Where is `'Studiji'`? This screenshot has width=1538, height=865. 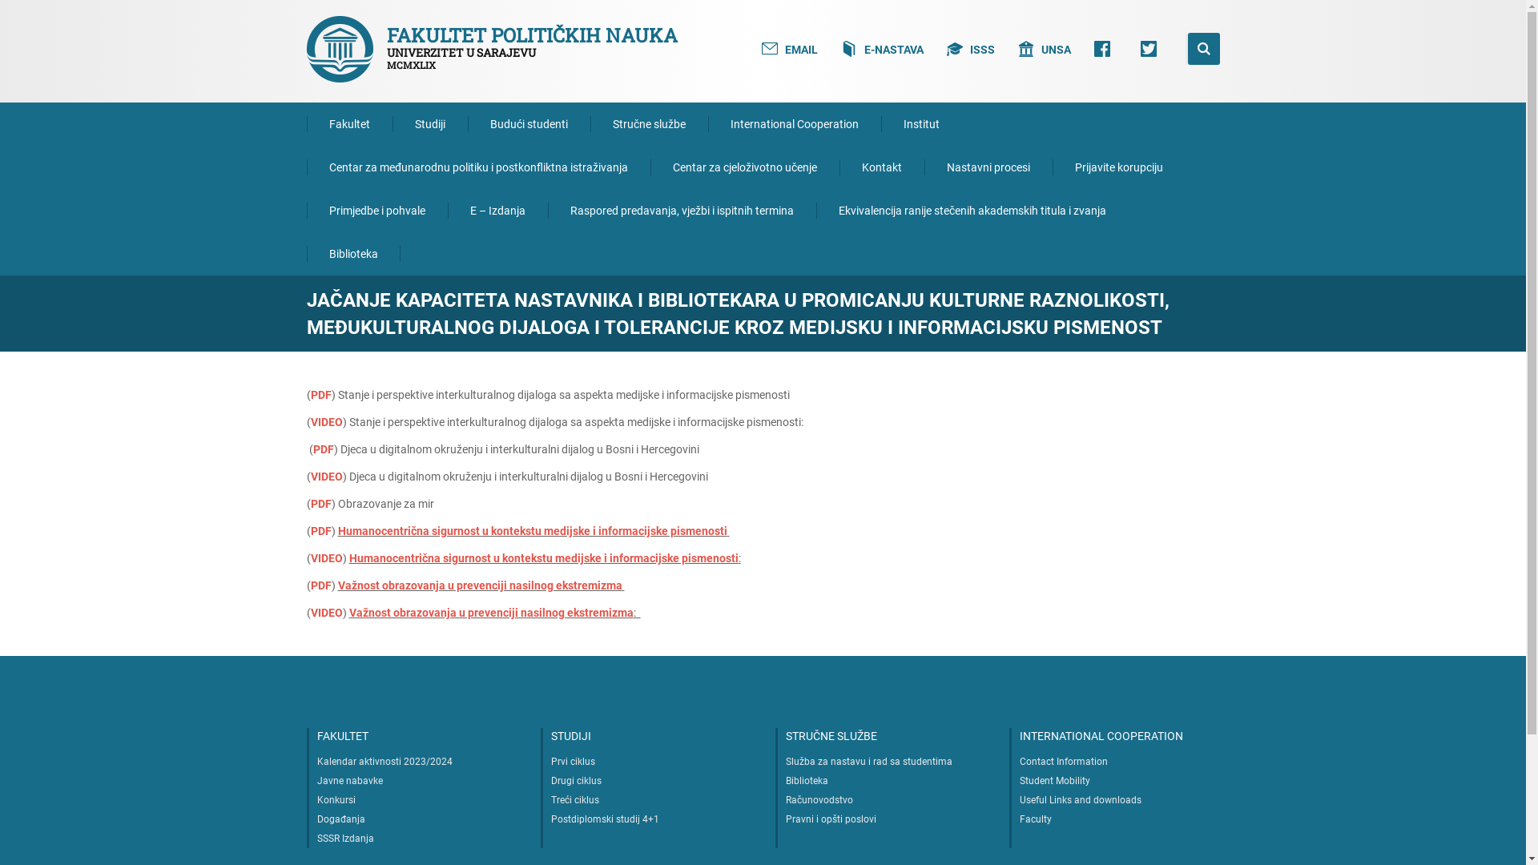 'Studiji' is located at coordinates (430, 123).